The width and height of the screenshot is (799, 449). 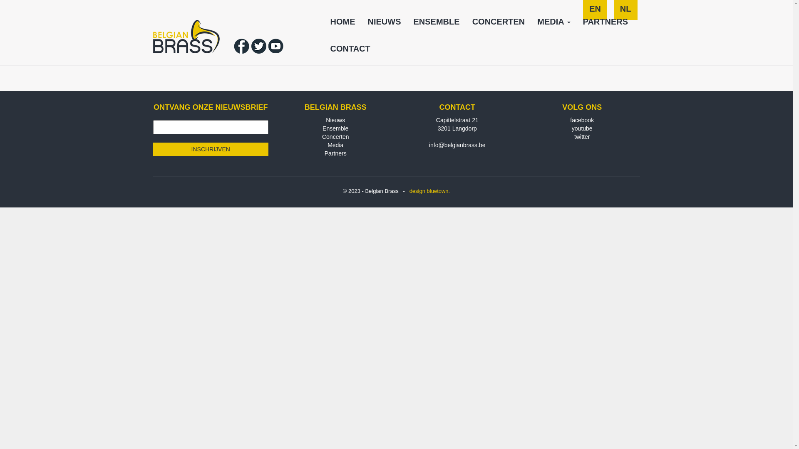 What do you see at coordinates (211, 148) in the screenshot?
I see `'Inschrijven'` at bounding box center [211, 148].